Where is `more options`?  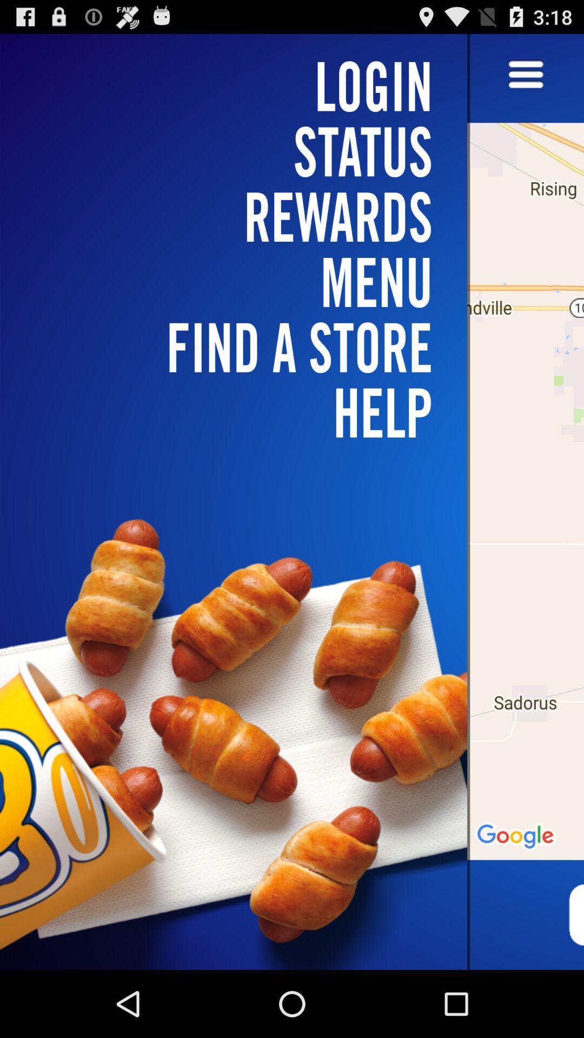
more options is located at coordinates (525, 75).